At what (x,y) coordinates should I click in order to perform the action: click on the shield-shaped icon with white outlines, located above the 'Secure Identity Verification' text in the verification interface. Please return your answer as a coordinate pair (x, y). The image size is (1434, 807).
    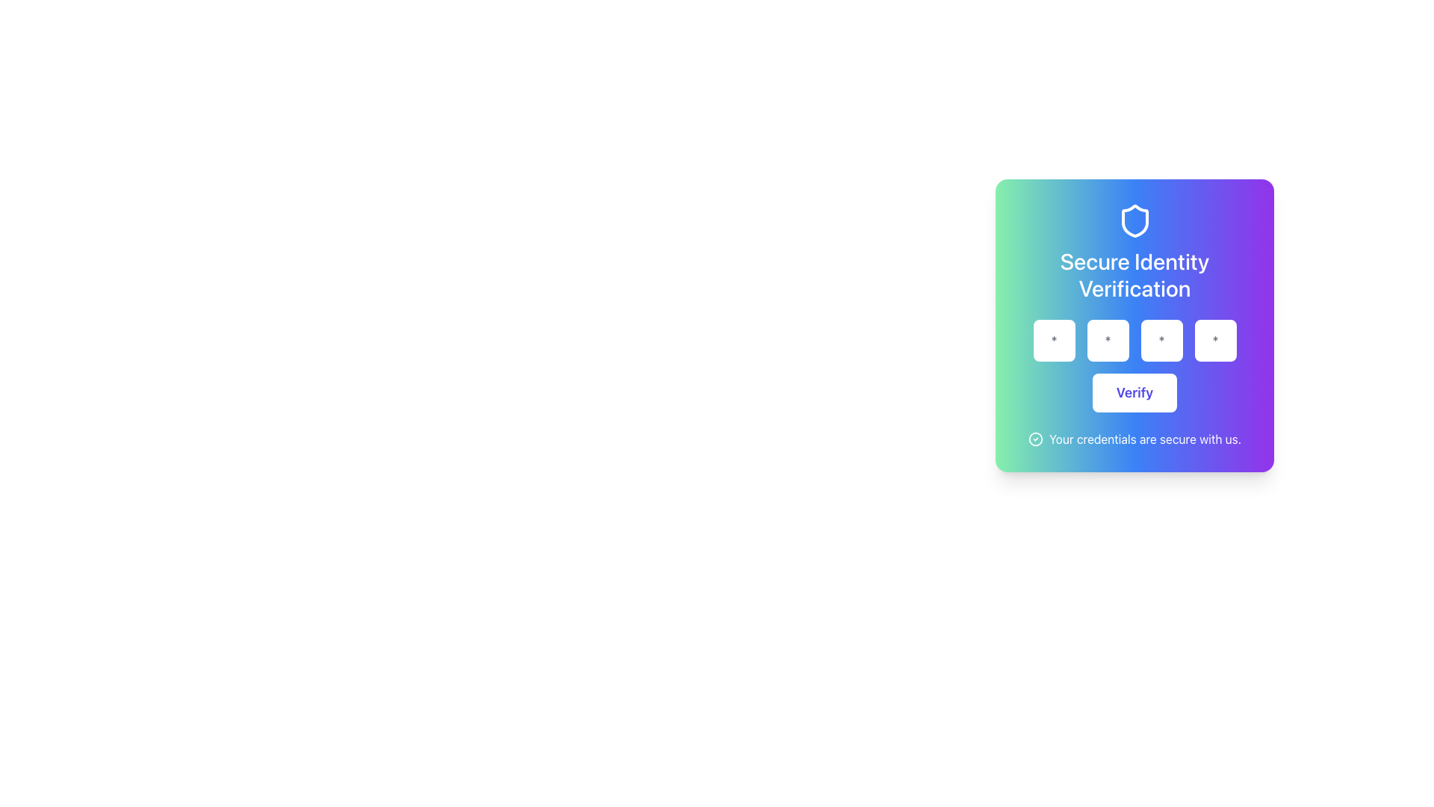
    Looking at the image, I should click on (1135, 221).